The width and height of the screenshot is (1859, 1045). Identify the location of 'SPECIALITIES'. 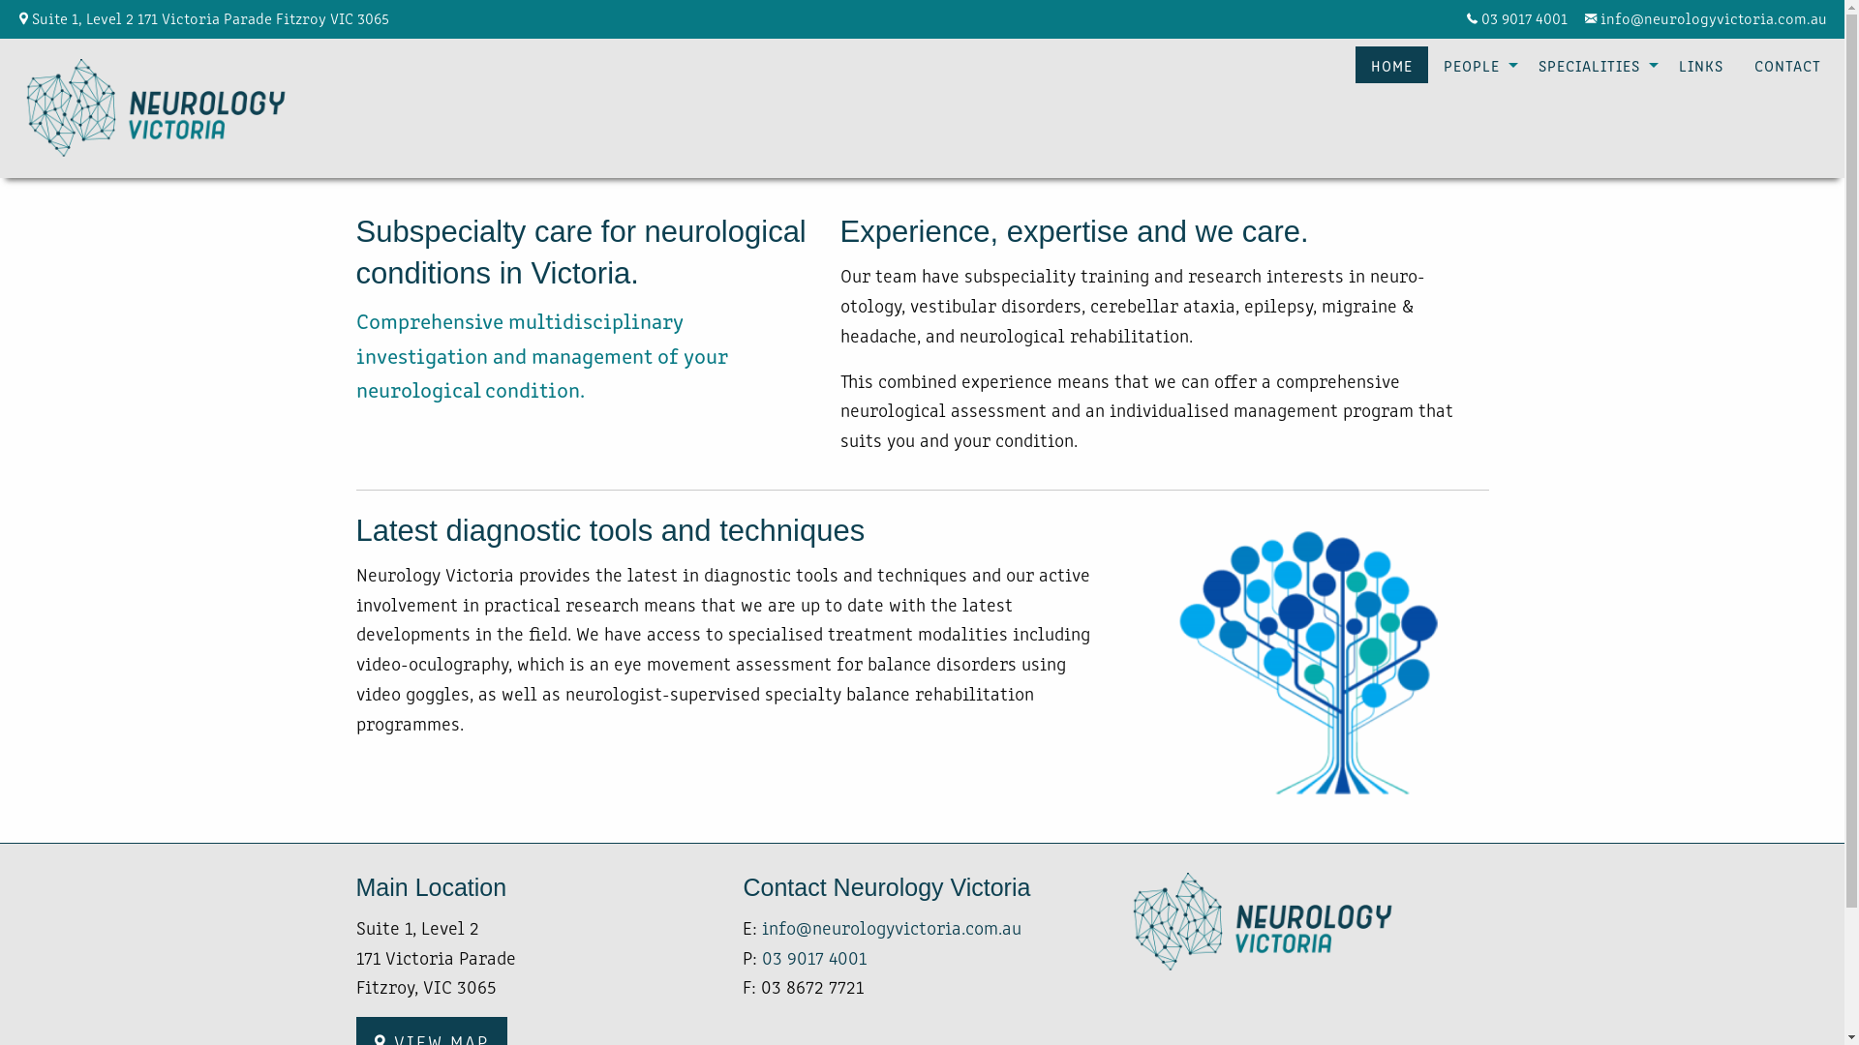
(1593, 63).